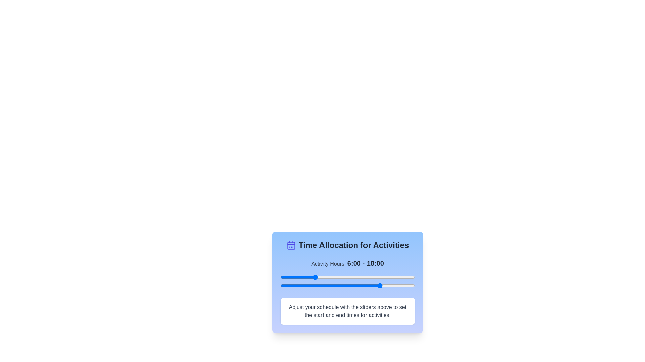 The width and height of the screenshot is (645, 362). Describe the element at coordinates (319, 286) in the screenshot. I see `the end time slider to 7 hours` at that location.